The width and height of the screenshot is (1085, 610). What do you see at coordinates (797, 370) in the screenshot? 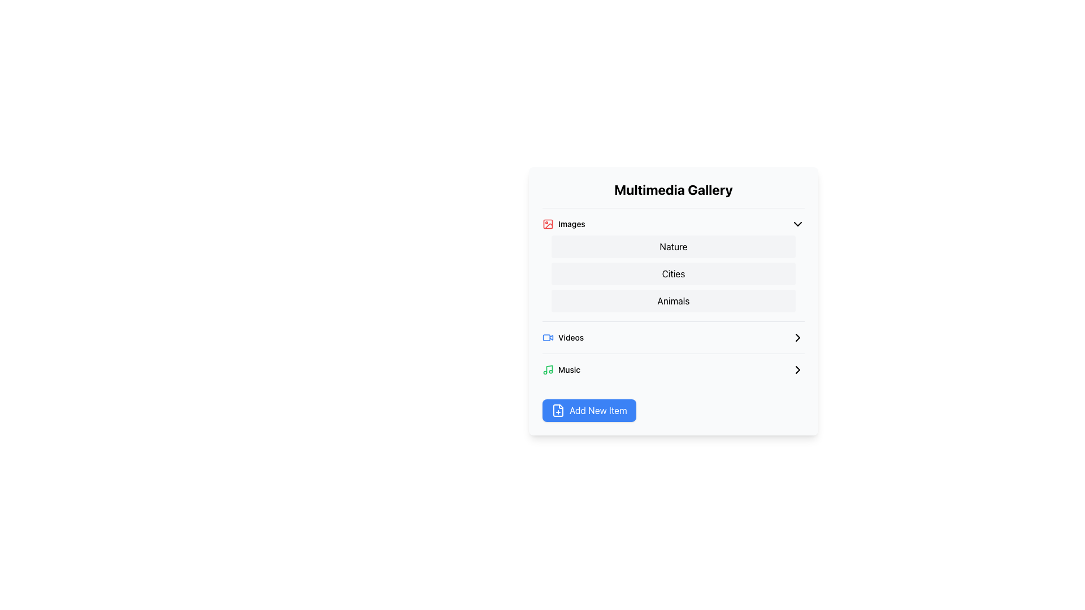
I see `the rightward-facing arrow icon located at the rightmost side of the 'Music' row` at bounding box center [797, 370].